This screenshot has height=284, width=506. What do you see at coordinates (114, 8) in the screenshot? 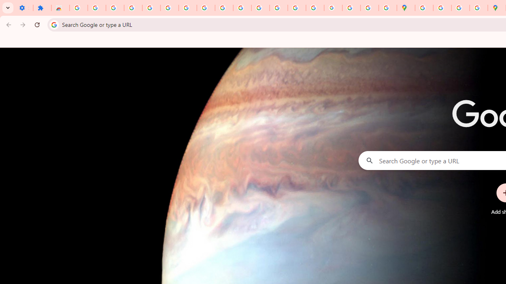
I see `'Delete photos & videos - Computer - Google Photos Help'` at bounding box center [114, 8].